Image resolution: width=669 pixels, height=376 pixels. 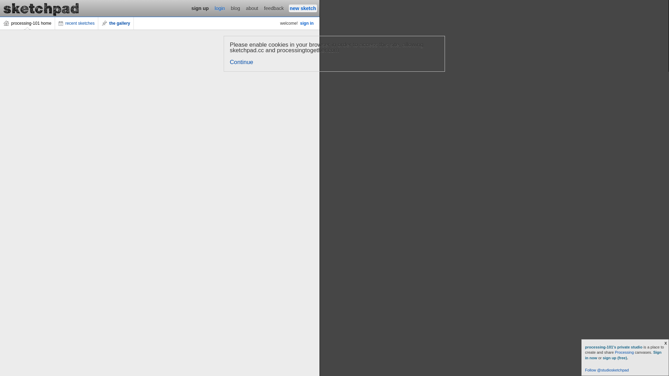 What do you see at coordinates (615, 352) in the screenshot?
I see `'Processing'` at bounding box center [615, 352].